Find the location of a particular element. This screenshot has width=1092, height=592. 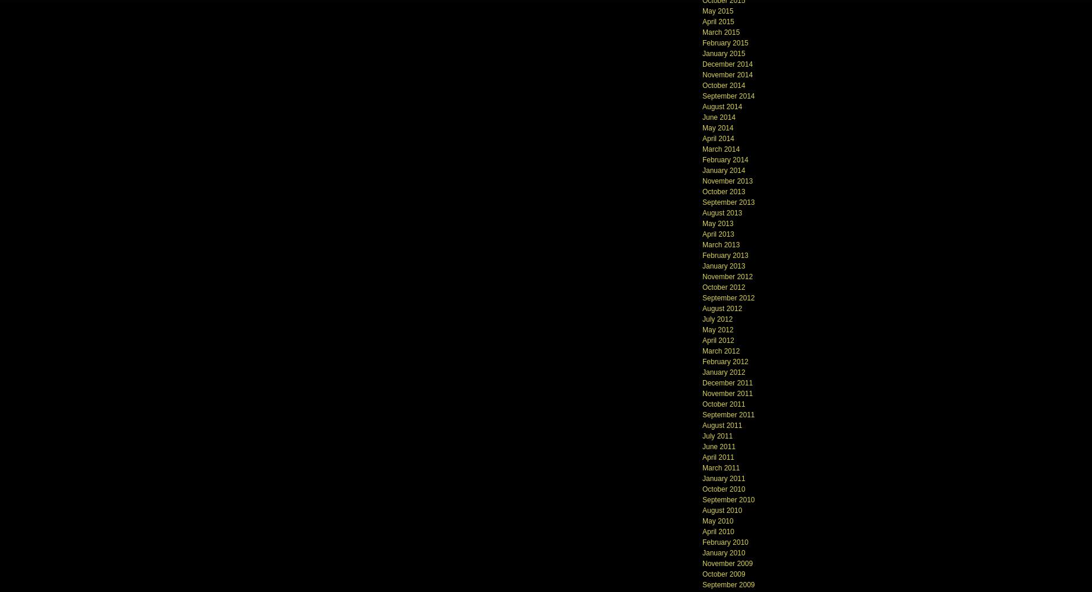

'December 2014' is located at coordinates (727, 63).